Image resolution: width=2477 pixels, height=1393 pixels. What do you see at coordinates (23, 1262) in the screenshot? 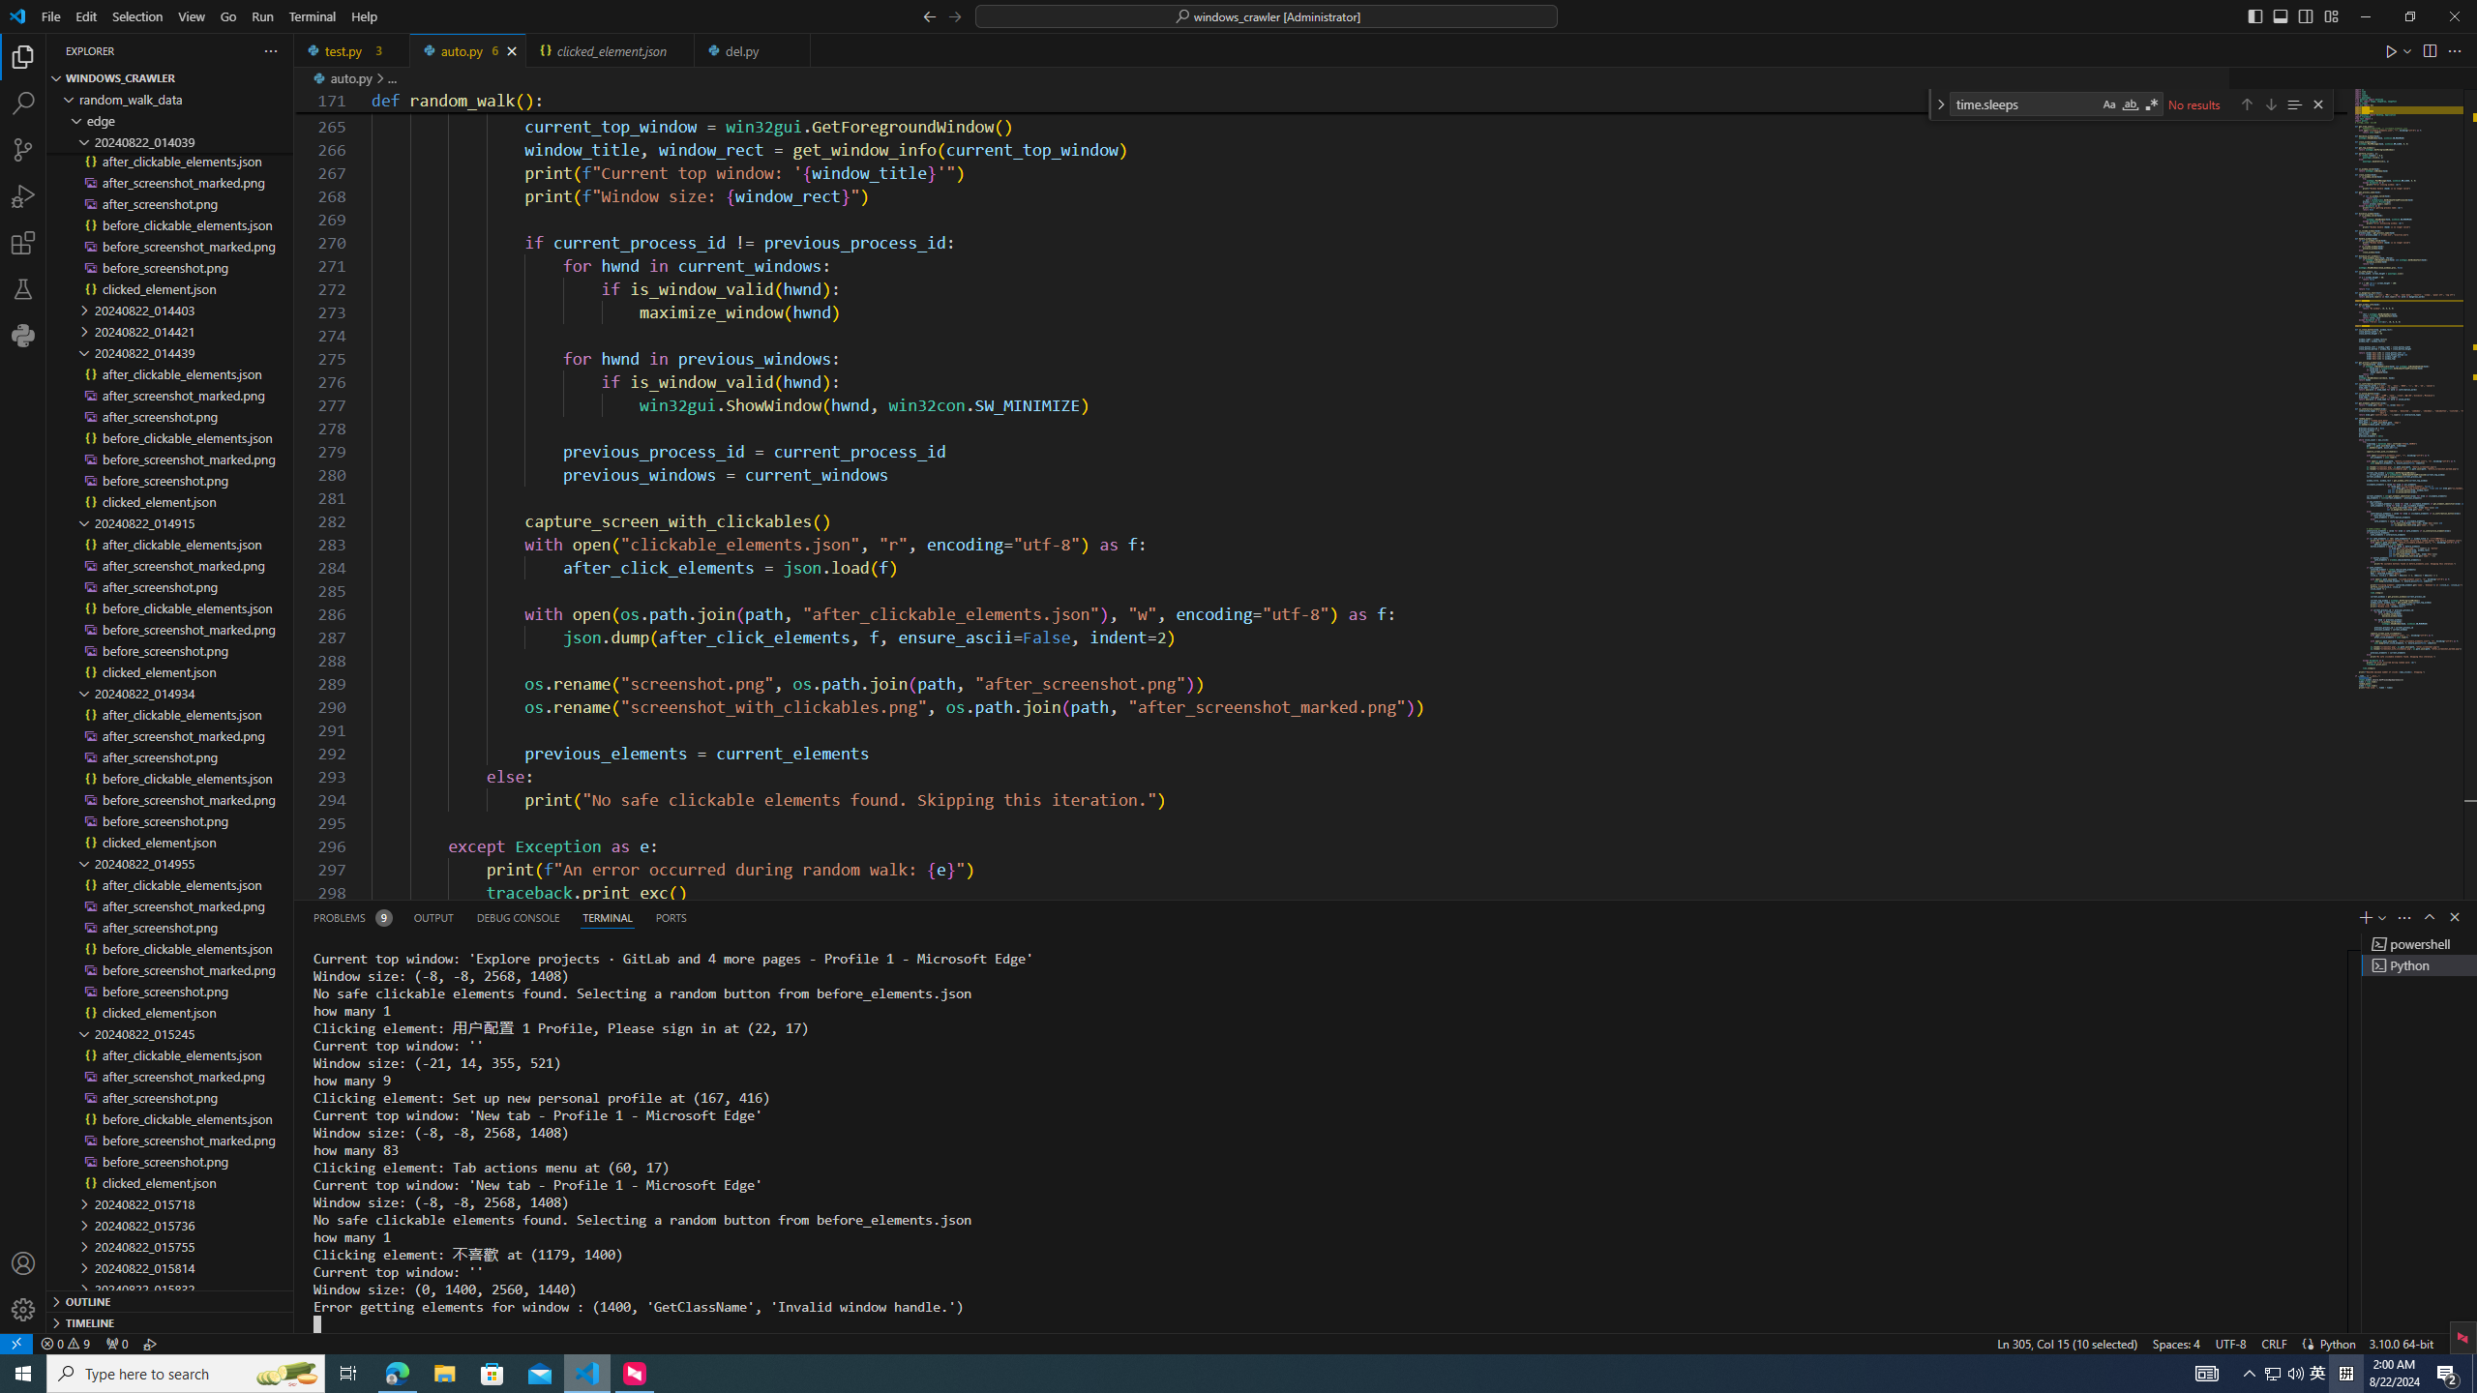
I see `'Accounts'` at bounding box center [23, 1262].